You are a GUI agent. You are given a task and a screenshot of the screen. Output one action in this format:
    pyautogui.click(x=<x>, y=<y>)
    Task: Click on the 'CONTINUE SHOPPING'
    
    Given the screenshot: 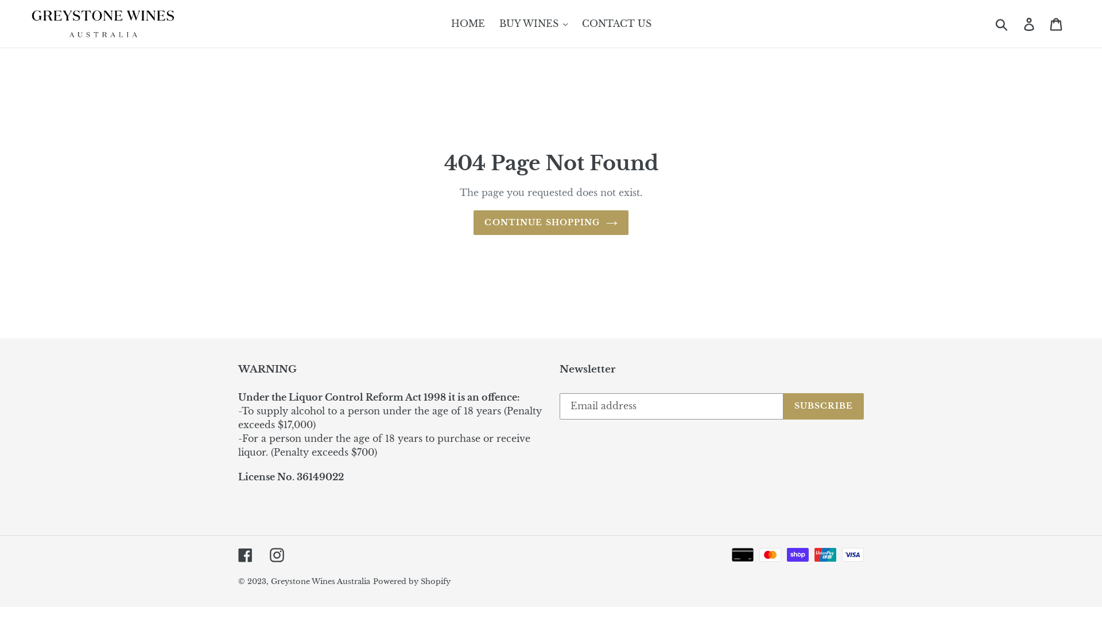 What is the action you would take?
    pyautogui.click(x=474, y=222)
    